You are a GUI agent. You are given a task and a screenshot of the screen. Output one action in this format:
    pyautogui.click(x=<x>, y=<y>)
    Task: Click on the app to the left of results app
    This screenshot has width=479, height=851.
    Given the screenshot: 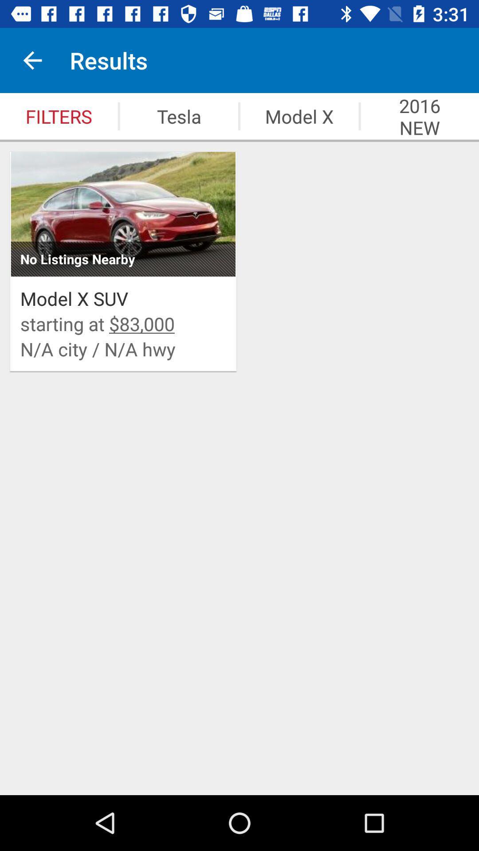 What is the action you would take?
    pyautogui.click(x=32, y=60)
    